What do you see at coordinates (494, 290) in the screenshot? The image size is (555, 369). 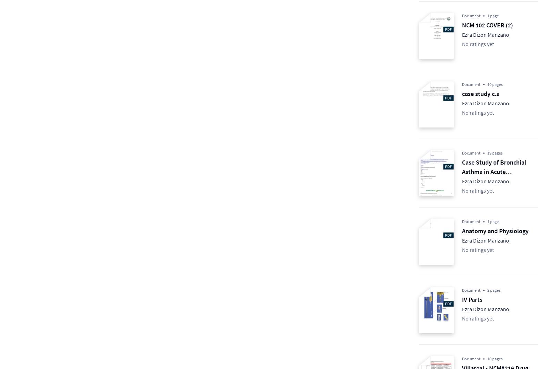 I see `'2 pages'` at bounding box center [494, 290].